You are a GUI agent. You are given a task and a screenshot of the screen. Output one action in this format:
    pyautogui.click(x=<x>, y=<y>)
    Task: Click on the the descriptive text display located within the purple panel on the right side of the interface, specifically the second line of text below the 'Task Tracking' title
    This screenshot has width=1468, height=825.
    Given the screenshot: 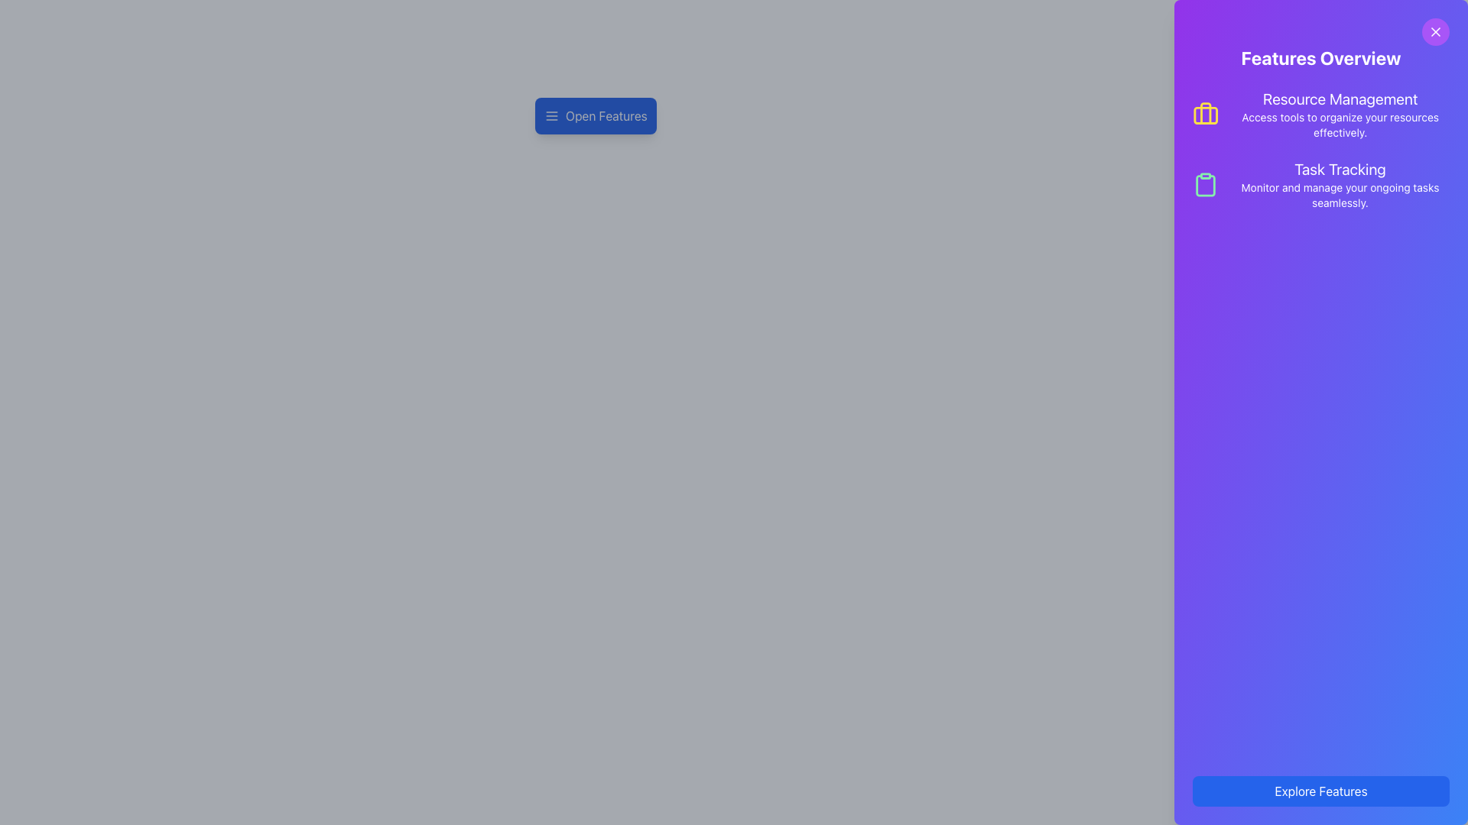 What is the action you would take?
    pyautogui.click(x=1339, y=194)
    